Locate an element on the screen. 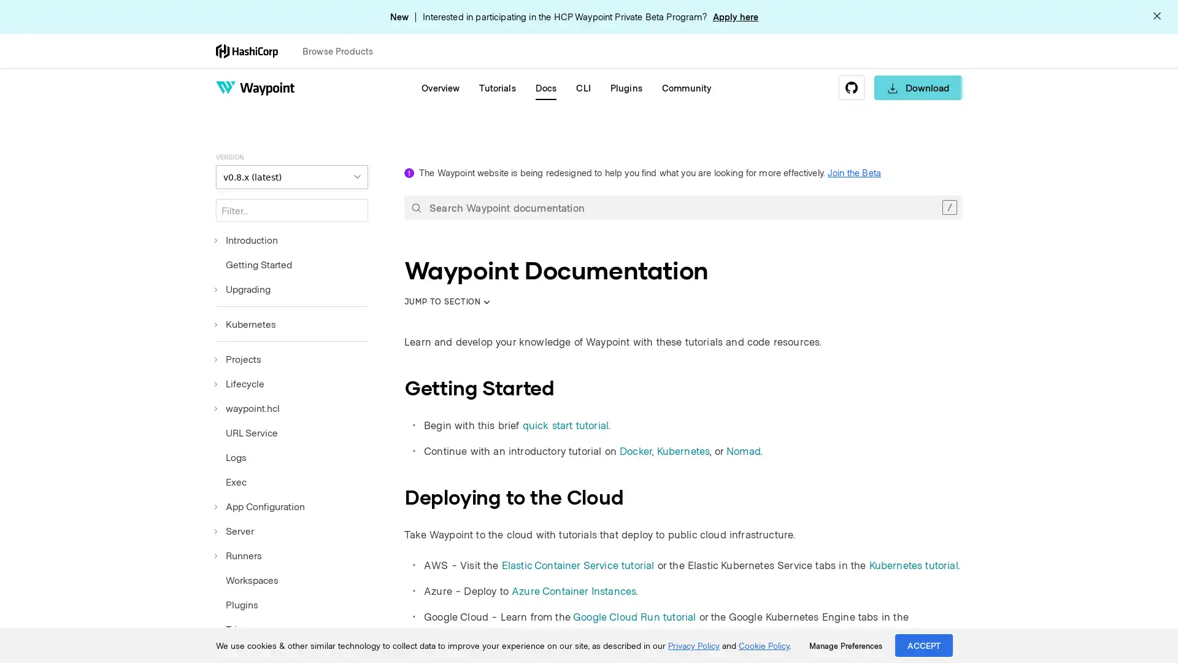 This screenshot has height=663, width=1178. Lifecycle is located at coordinates (240, 382).